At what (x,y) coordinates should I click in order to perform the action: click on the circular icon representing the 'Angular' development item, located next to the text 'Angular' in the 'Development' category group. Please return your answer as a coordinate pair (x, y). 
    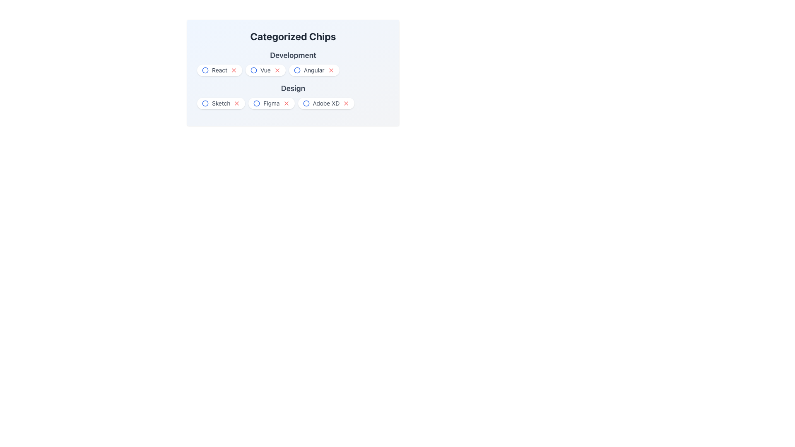
    Looking at the image, I should click on (297, 70).